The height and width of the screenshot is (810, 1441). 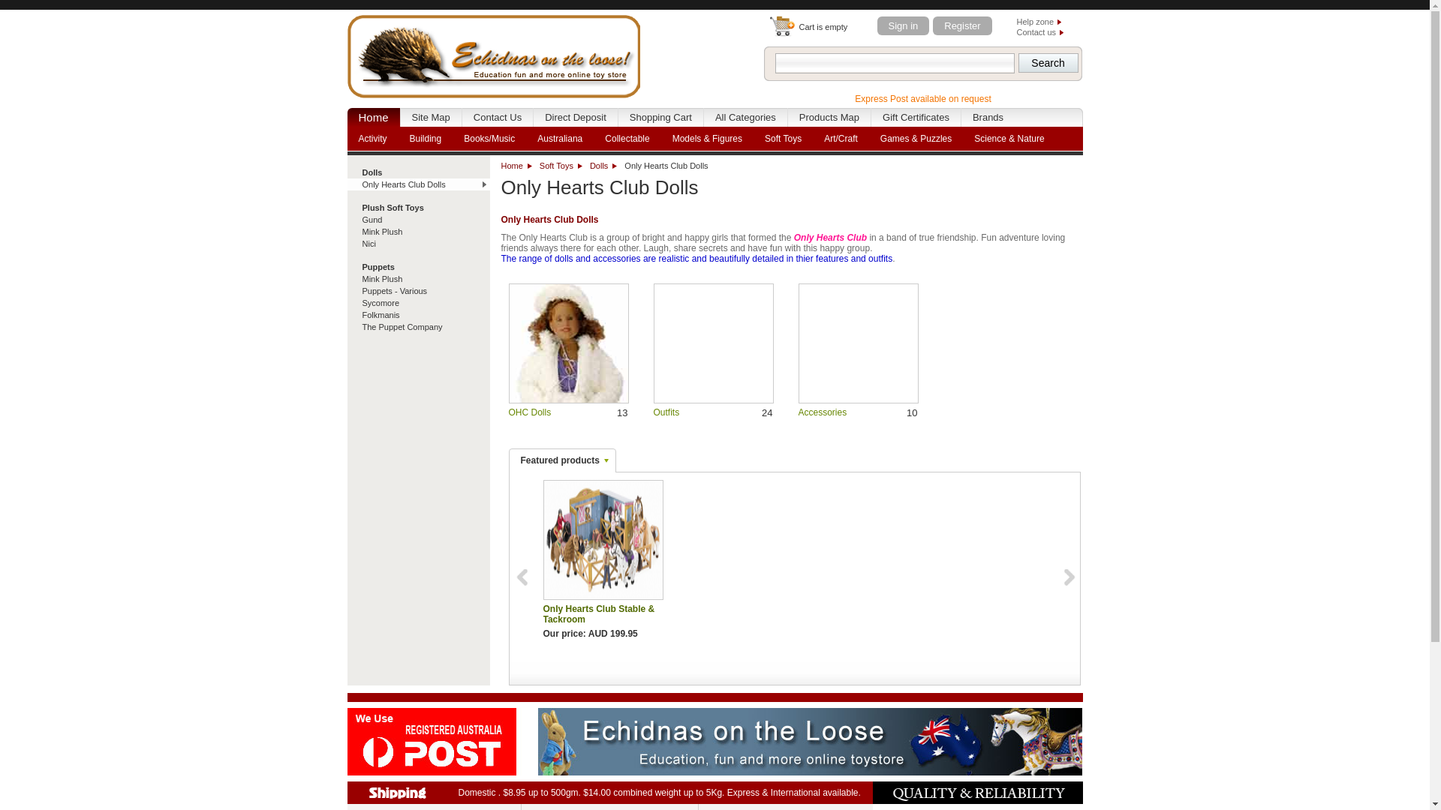 I want to click on 'Soft Toys', so click(x=540, y=165).